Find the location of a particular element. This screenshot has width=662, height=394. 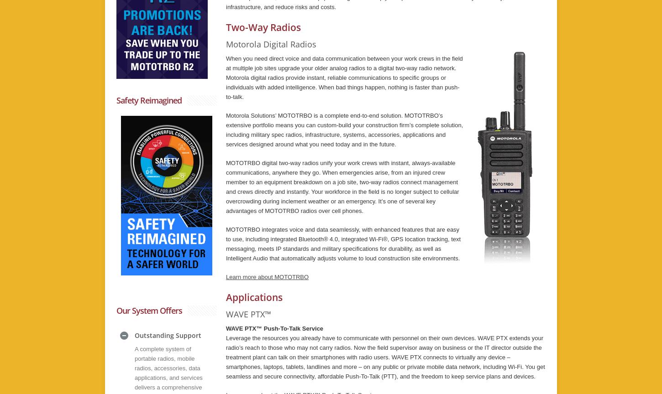

'Learn more about MOTOTRBO' is located at coordinates (267, 276).